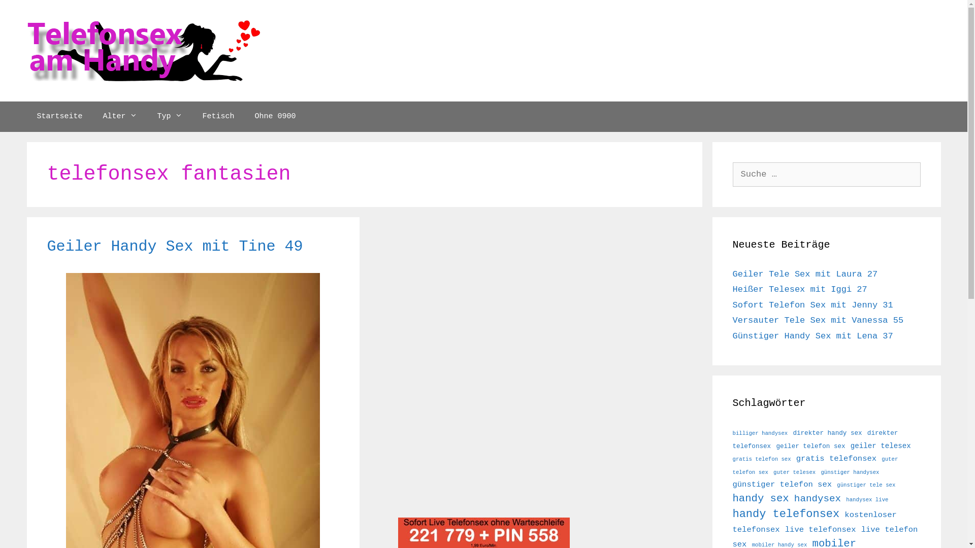 The width and height of the screenshot is (975, 548). Describe the element at coordinates (772, 471) in the screenshot. I see `'guter telesex'` at that location.